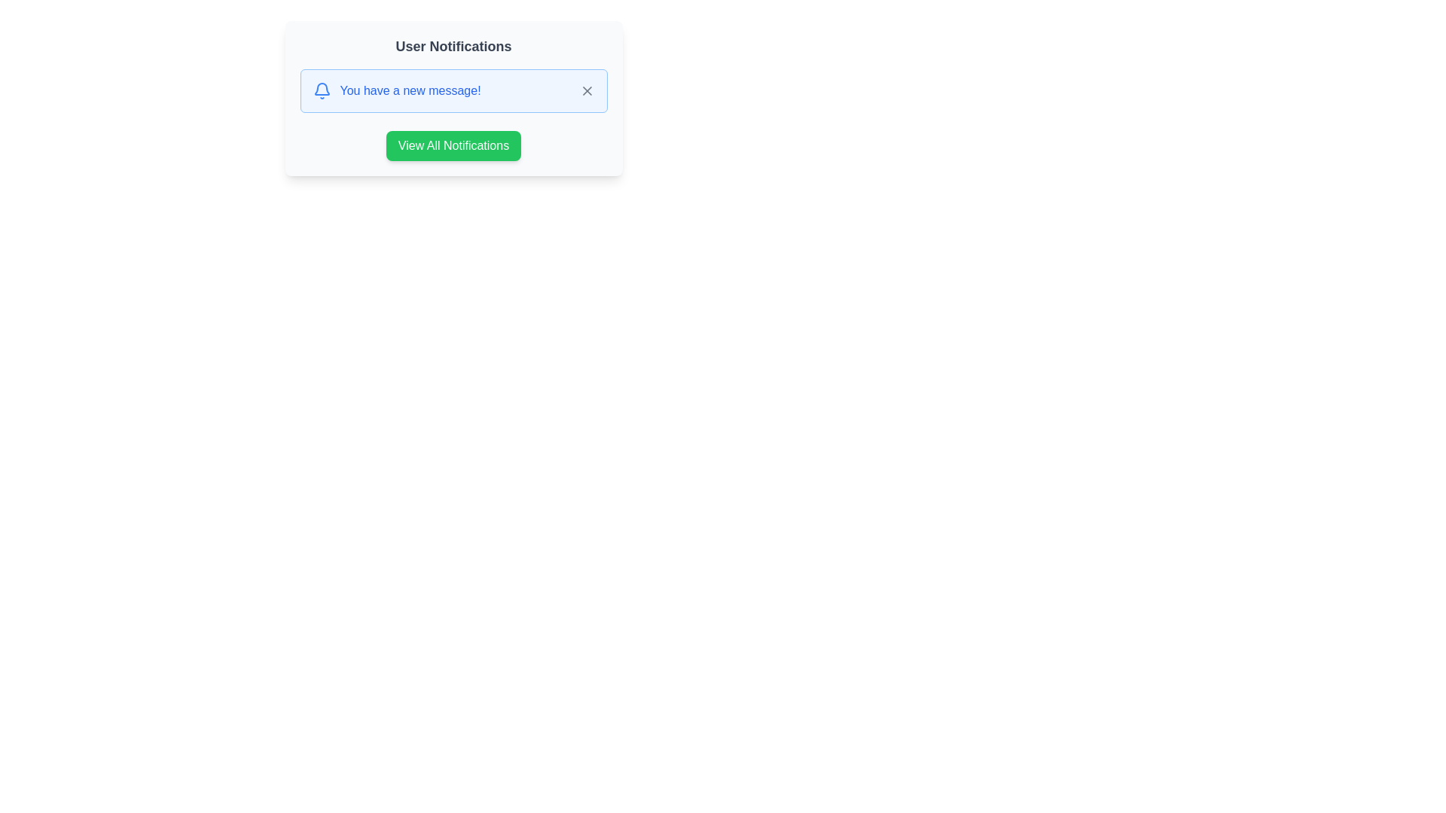 Image resolution: width=1446 pixels, height=813 pixels. What do you see at coordinates (410, 90) in the screenshot?
I see `the text display element that shows 'You have a new message!' styled in blue color, located in the notification section` at bounding box center [410, 90].